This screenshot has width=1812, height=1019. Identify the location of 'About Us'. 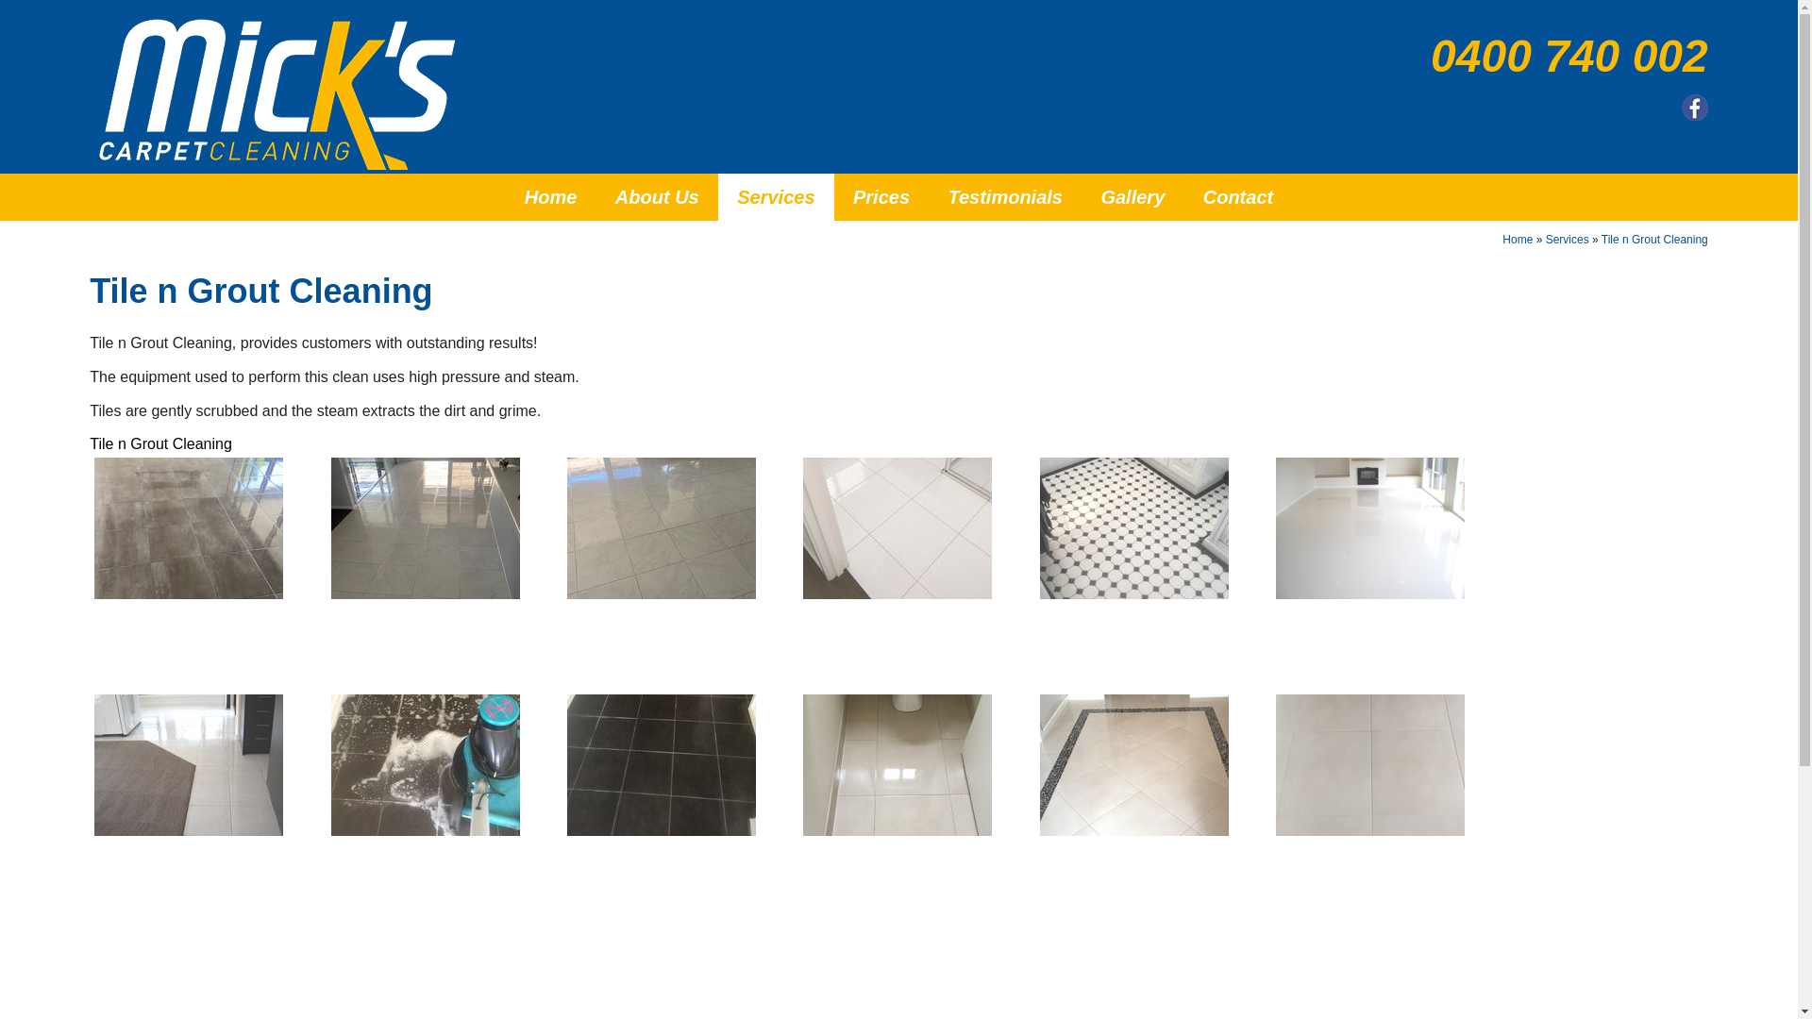
(657, 196).